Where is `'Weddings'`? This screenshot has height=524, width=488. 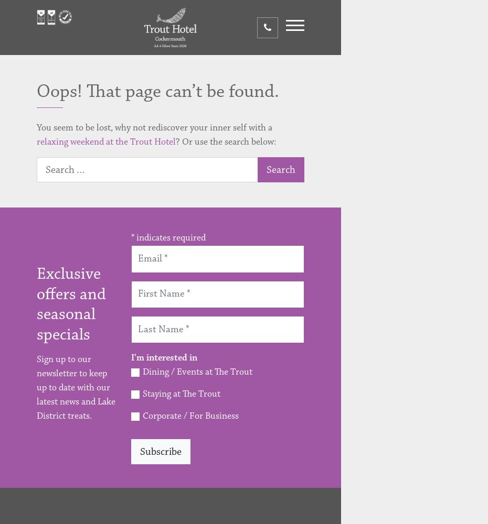 'Weddings' is located at coordinates (348, 253).